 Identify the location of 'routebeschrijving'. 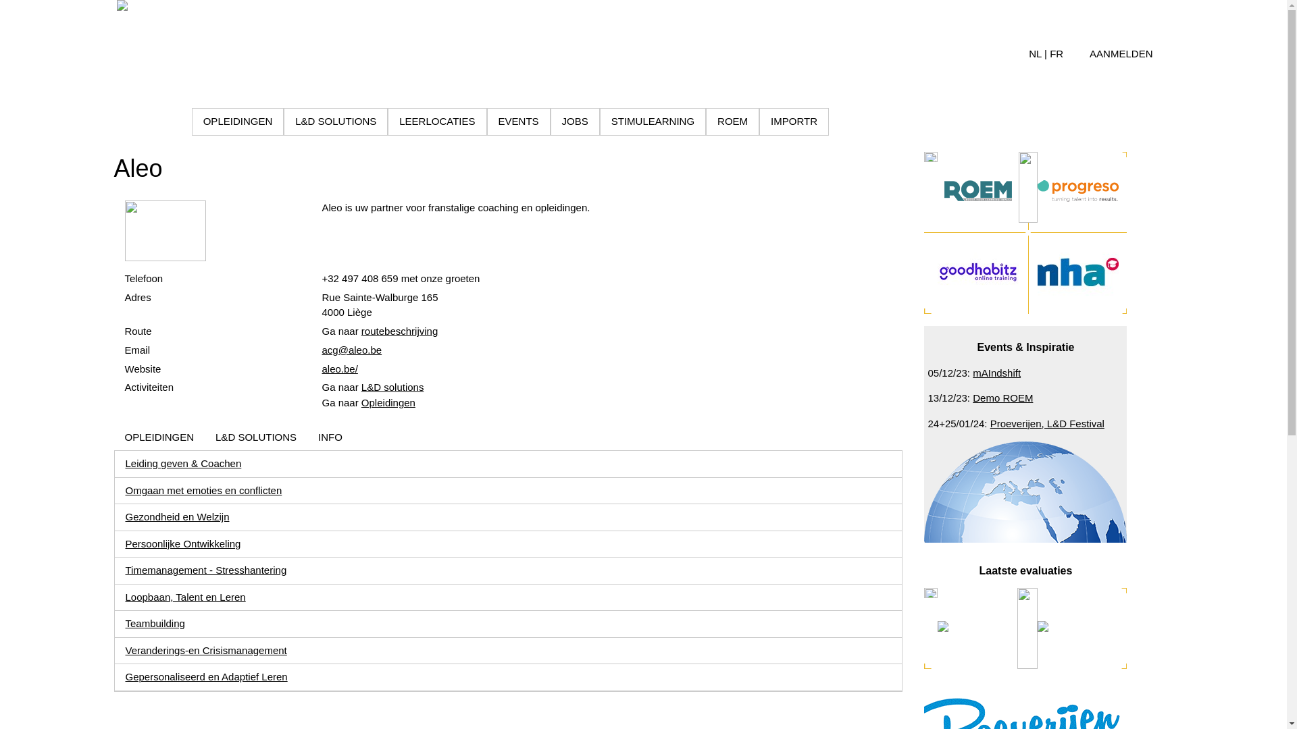
(361, 331).